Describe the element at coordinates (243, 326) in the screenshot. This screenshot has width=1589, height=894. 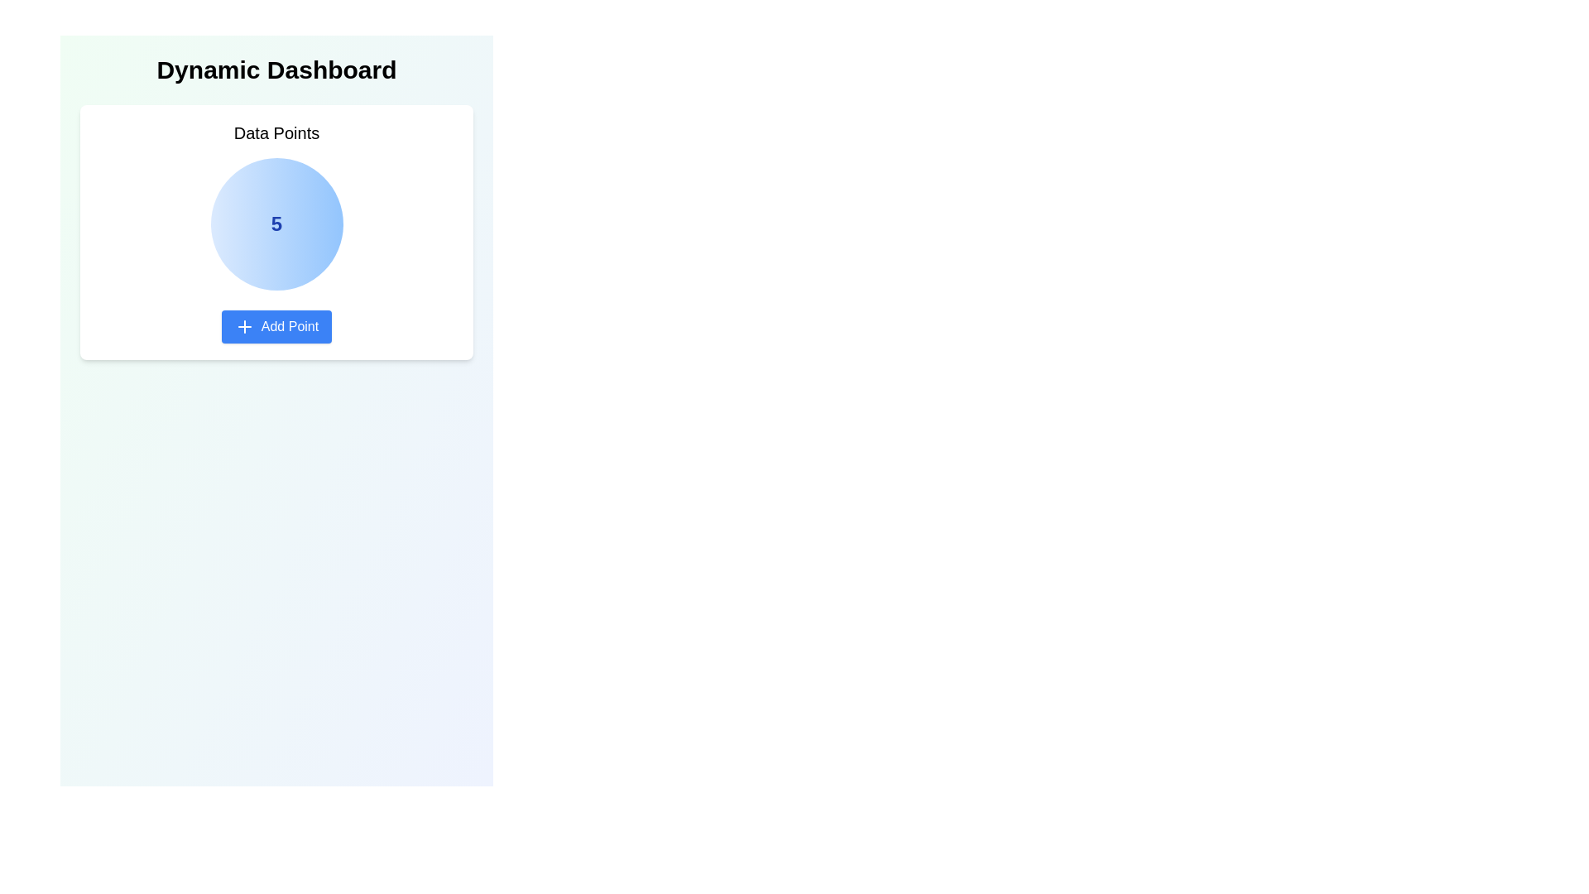
I see `the graphical representation of the plus sign icon centered within the 'Add Point' button on the card labeled 'Data Points'` at that location.